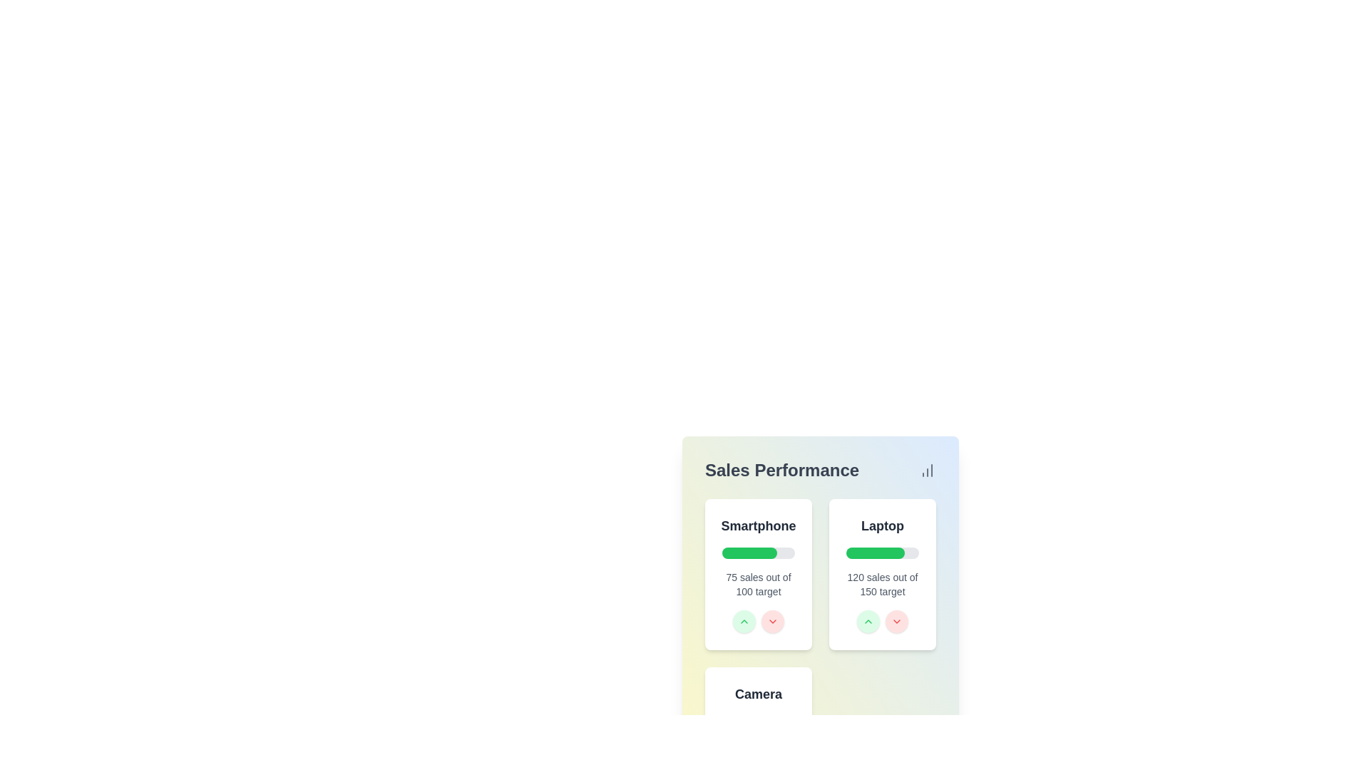 The image size is (1369, 770). Describe the element at coordinates (749, 721) in the screenshot. I see `the filled portion of the progress bar segment located below the 'Camera' section in the interface` at that location.